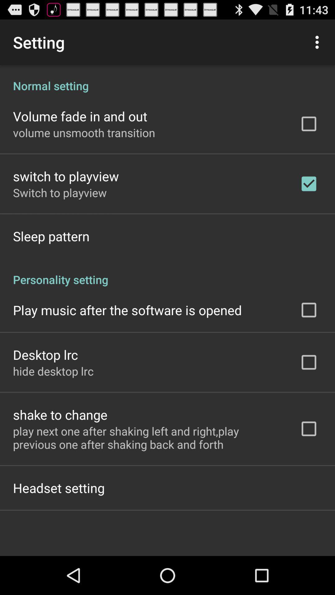 The width and height of the screenshot is (335, 595). What do you see at coordinates (148, 437) in the screenshot?
I see `play next one` at bounding box center [148, 437].